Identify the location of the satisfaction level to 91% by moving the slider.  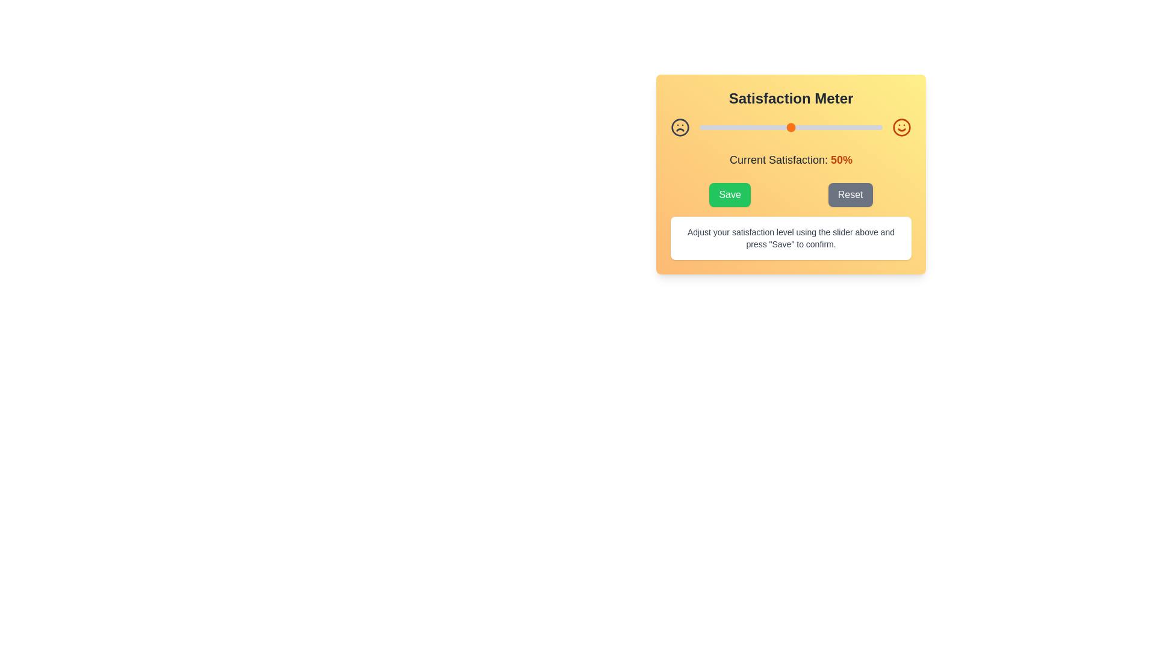
(865, 128).